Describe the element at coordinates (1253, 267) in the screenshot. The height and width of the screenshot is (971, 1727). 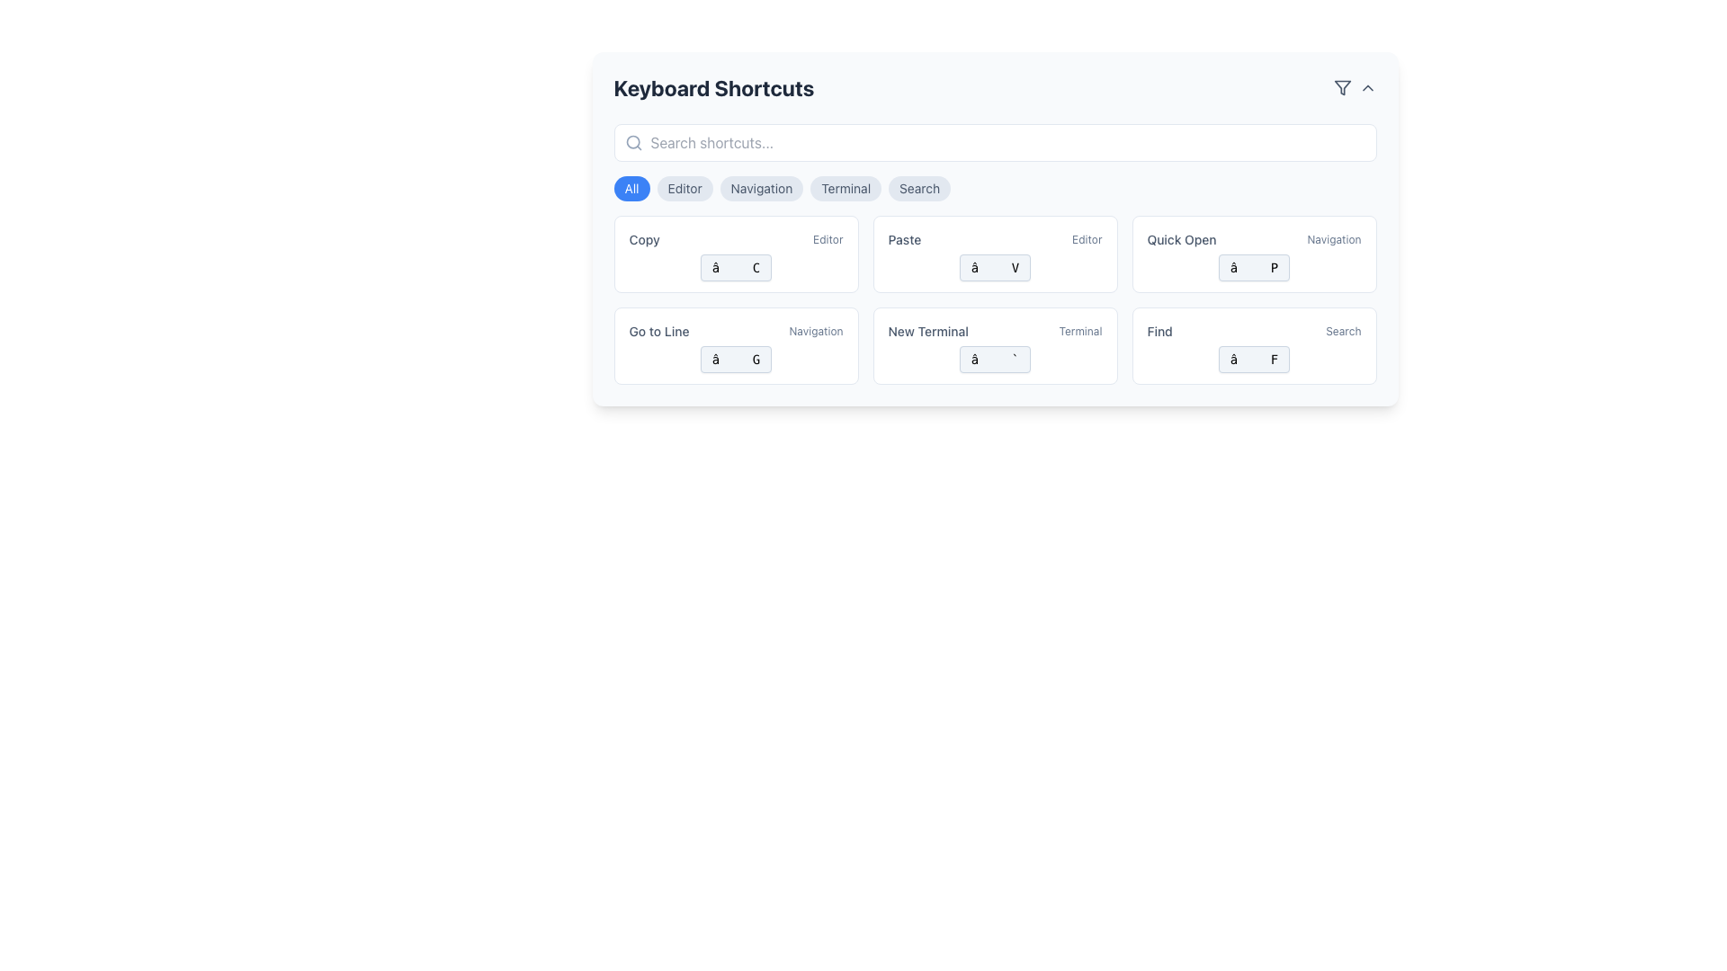
I see `the keyboard shortcut display indicating the combination 'â+P' within the 'Quick Open' panel under 'Navigation'` at that location.